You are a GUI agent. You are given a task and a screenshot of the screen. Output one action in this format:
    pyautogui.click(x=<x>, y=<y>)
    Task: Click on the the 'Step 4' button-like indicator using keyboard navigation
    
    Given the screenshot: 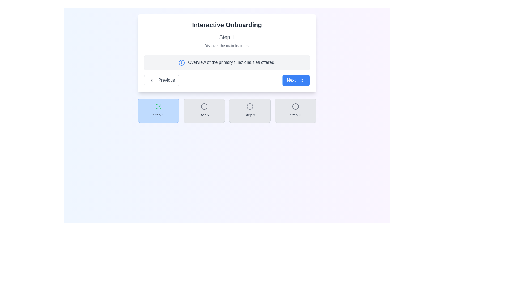 What is the action you would take?
    pyautogui.click(x=295, y=110)
    